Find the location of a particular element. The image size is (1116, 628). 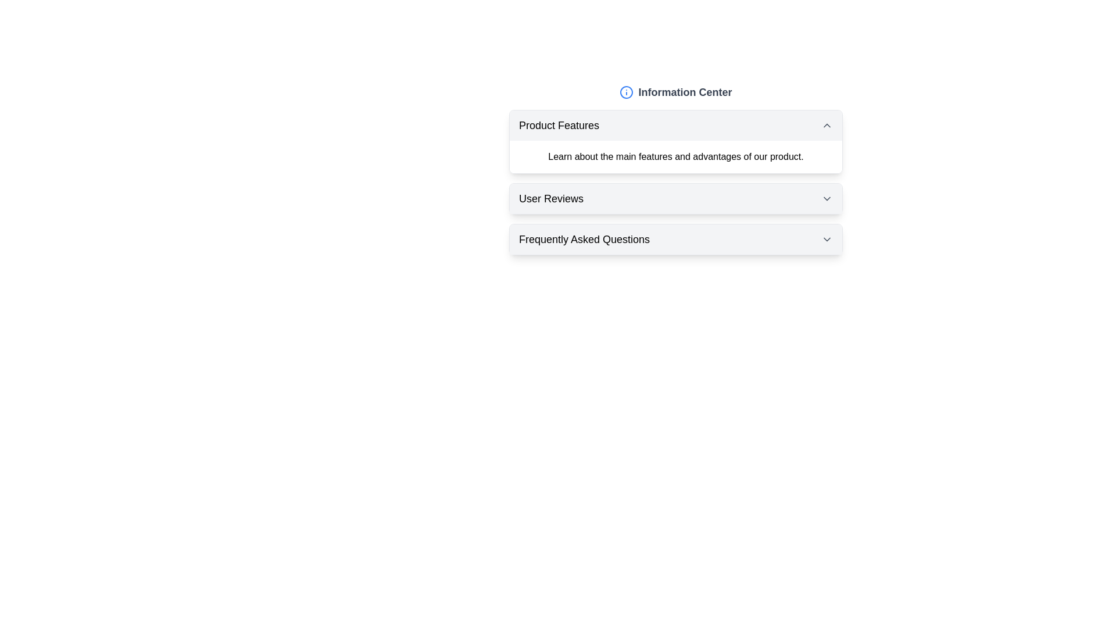

the collapsible icon located at the far-right of the 'User Reviews' section is located at coordinates (826, 198).